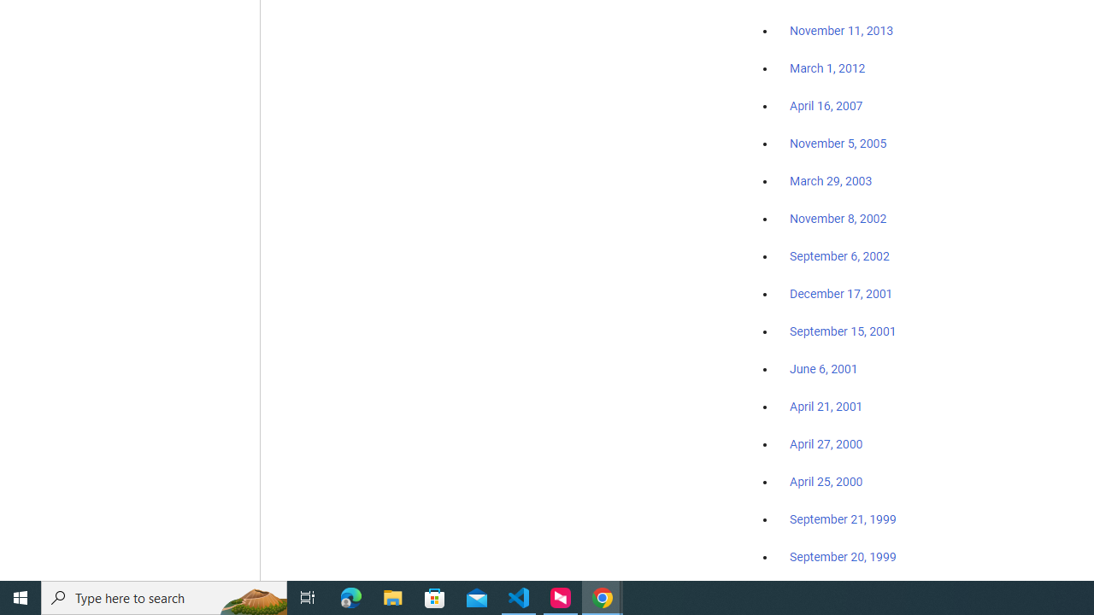  Describe the element at coordinates (826, 106) in the screenshot. I see `'April 16, 2007'` at that location.